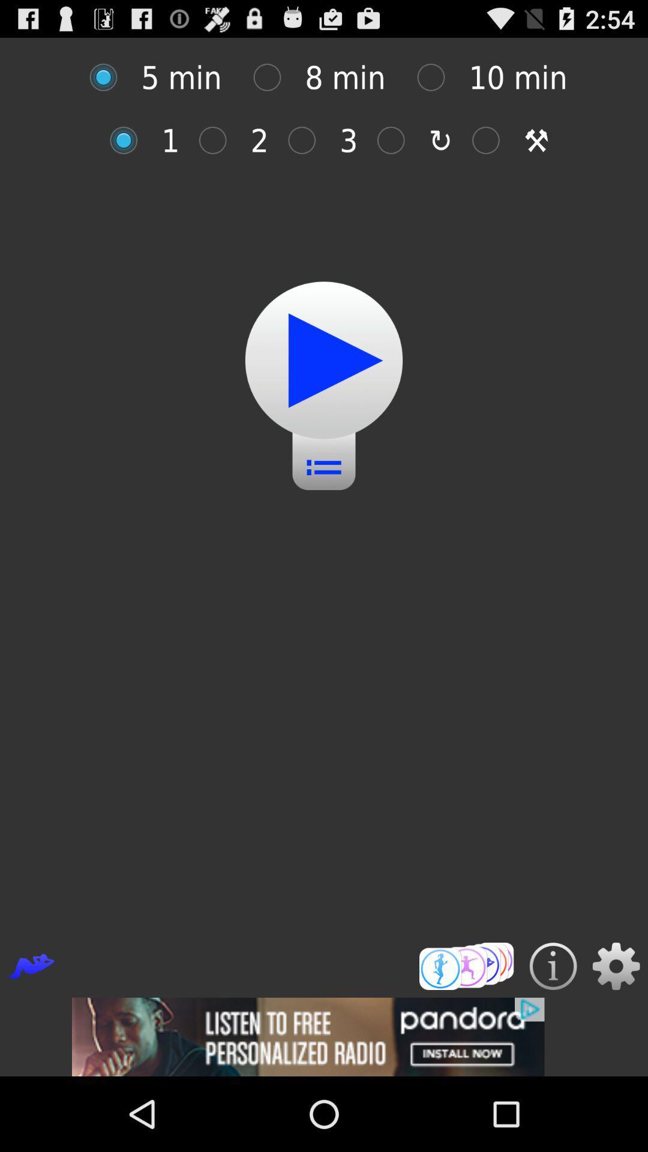 The image size is (648, 1152). What do you see at coordinates (397, 140) in the screenshot?
I see `the timer` at bounding box center [397, 140].